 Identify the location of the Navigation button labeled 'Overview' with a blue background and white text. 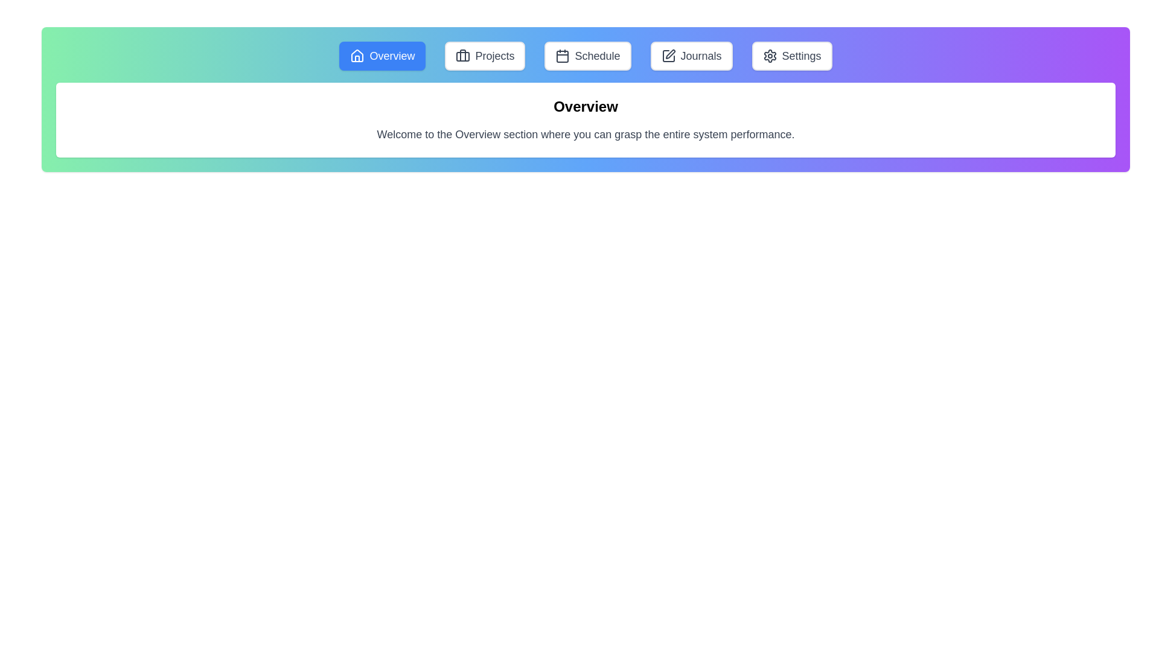
(382, 56).